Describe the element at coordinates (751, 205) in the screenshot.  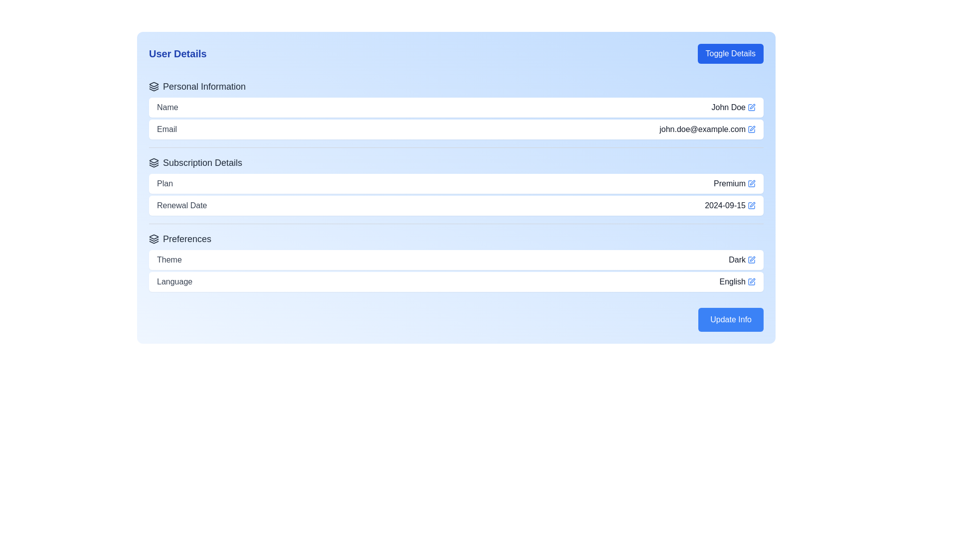
I see `the Iconic button located next to the 'Renewal Date' field in the 'Subscription Details' section` at that location.